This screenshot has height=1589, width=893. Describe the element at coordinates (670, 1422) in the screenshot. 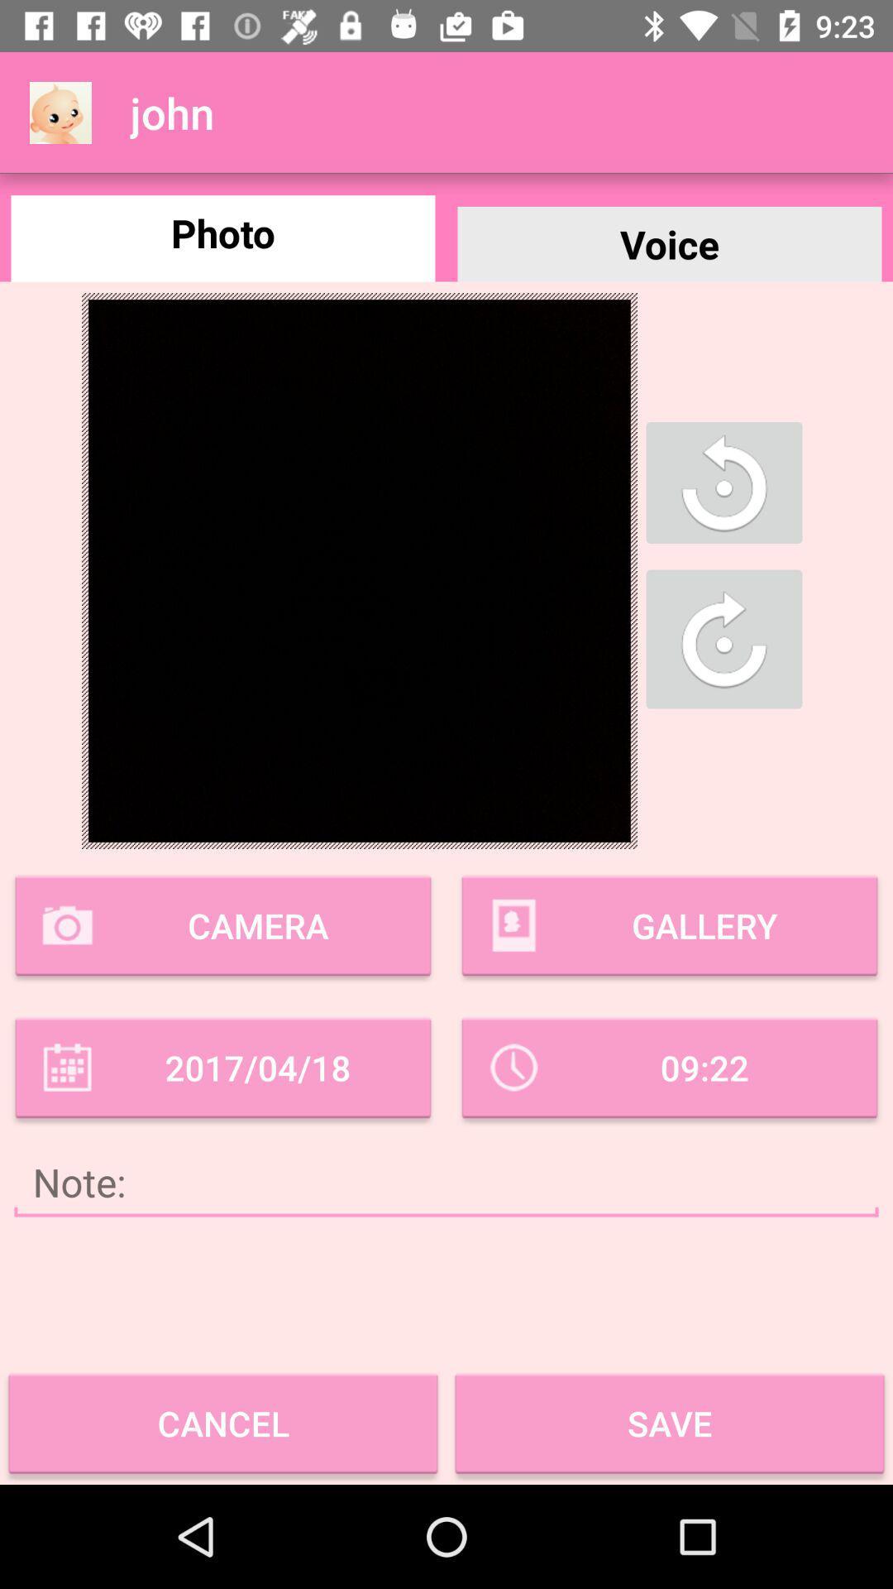

I see `the box that reads save` at that location.